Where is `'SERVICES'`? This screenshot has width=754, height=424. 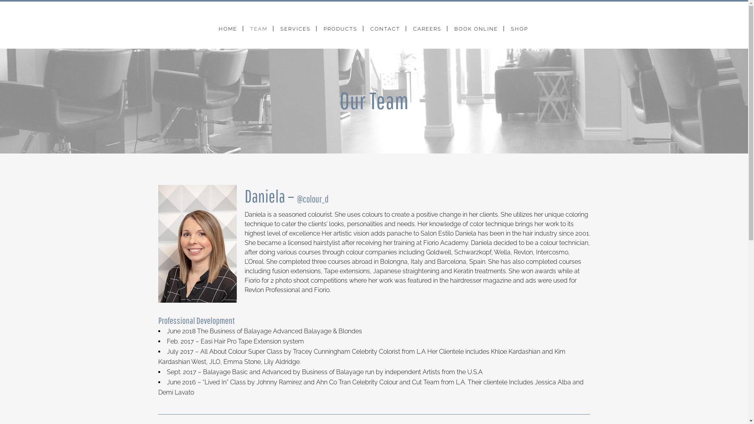
'SERVICES' is located at coordinates (295, 28).